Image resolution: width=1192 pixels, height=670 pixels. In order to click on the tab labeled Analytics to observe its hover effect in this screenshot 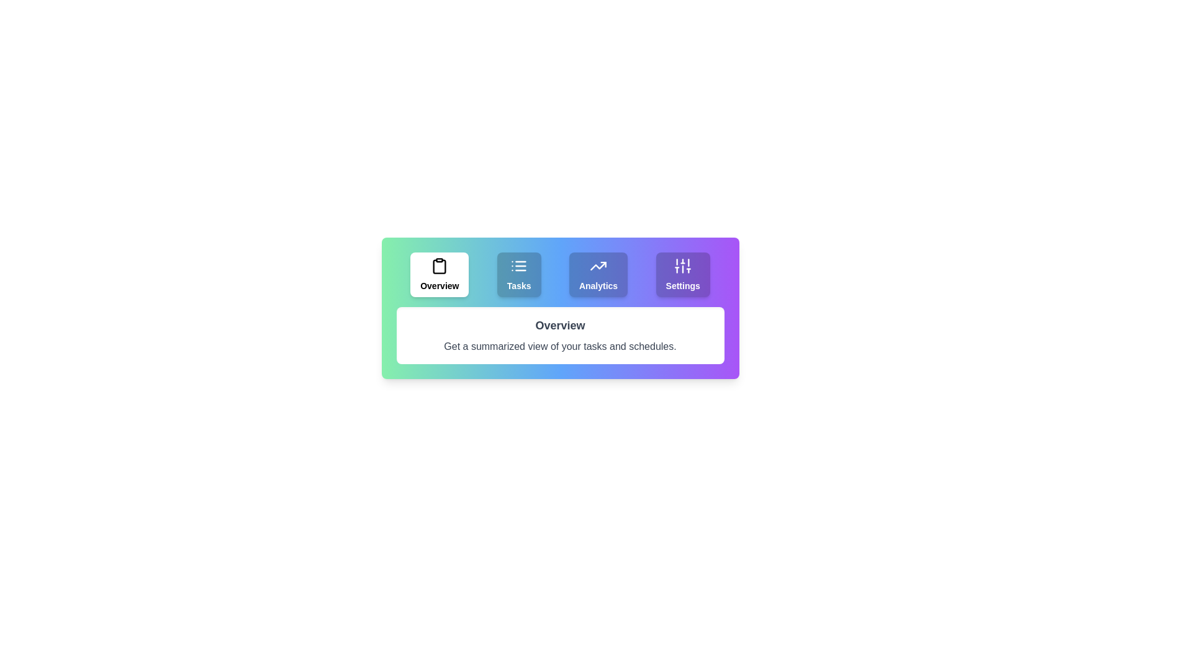, I will do `click(598, 274)`.